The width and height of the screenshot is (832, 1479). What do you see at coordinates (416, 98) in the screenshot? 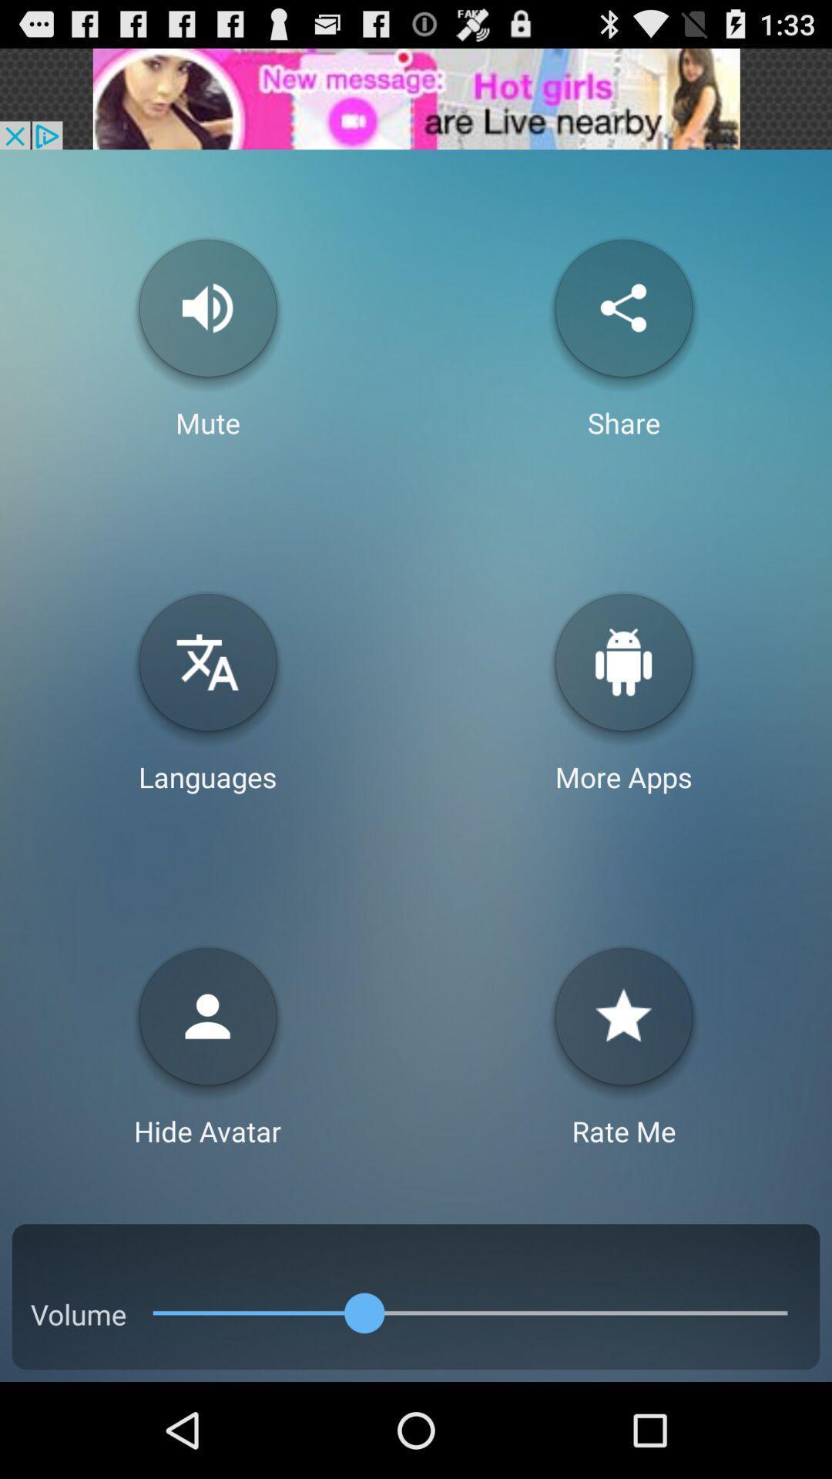
I see `advertisement` at bounding box center [416, 98].